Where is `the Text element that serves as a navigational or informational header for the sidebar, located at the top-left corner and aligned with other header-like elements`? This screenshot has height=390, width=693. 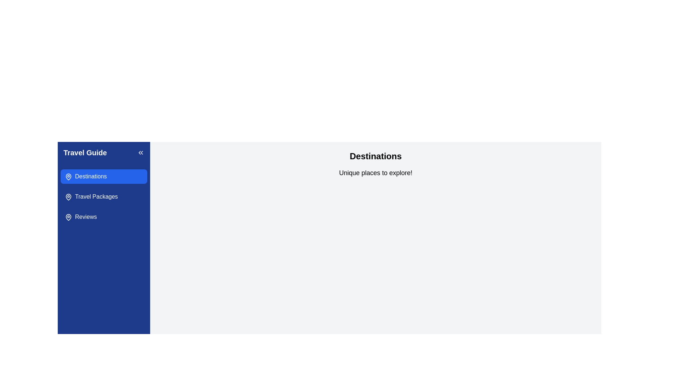
the Text element that serves as a navigational or informational header for the sidebar, located at the top-left corner and aligned with other header-like elements is located at coordinates (85, 152).